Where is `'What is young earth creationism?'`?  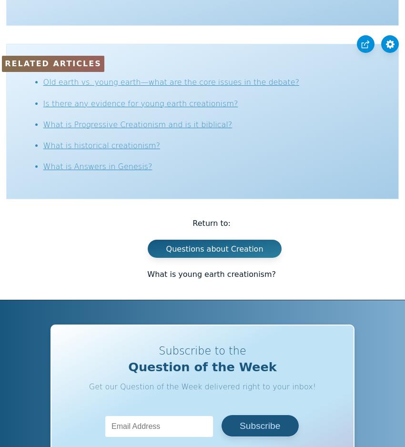 'What is young earth creationism?' is located at coordinates (211, 274).